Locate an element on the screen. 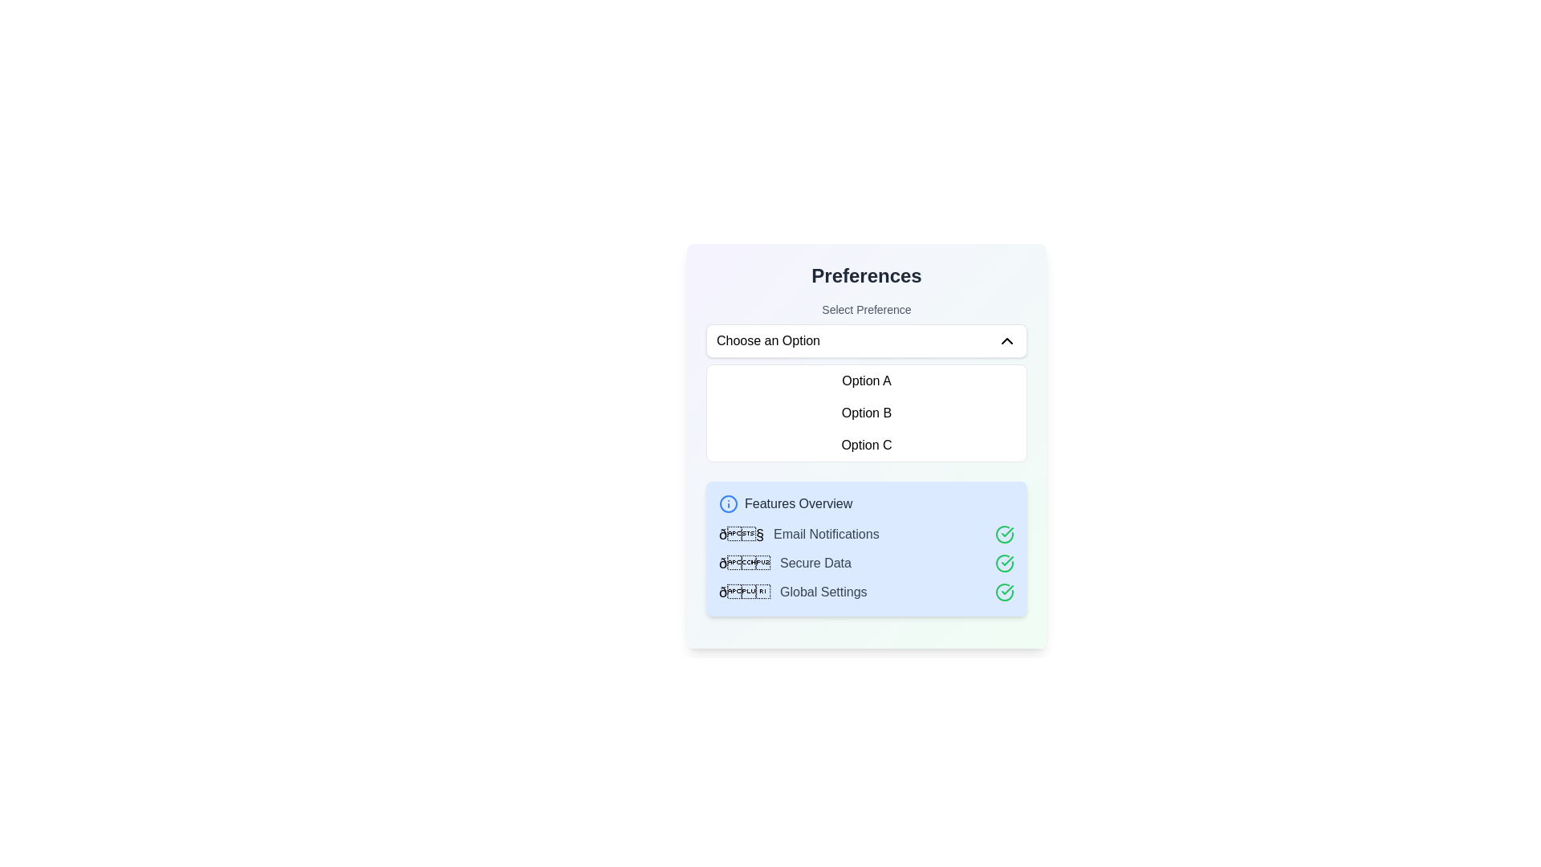 The height and width of the screenshot is (867, 1541). the 'Email Notifications' text label, which is displayed in medium gray font and is positioned to the right of its associated icon in the preferences menu is located at coordinates (826, 535).